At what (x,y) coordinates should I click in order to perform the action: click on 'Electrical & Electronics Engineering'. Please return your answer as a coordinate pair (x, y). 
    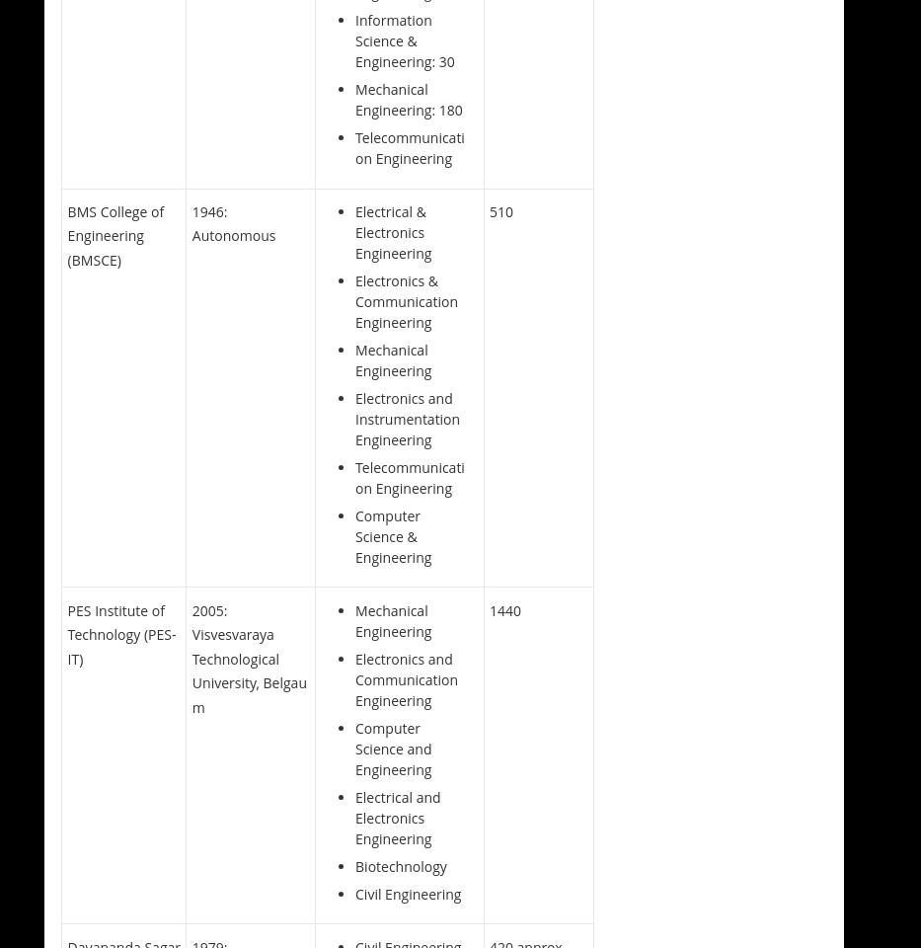
    Looking at the image, I should click on (393, 231).